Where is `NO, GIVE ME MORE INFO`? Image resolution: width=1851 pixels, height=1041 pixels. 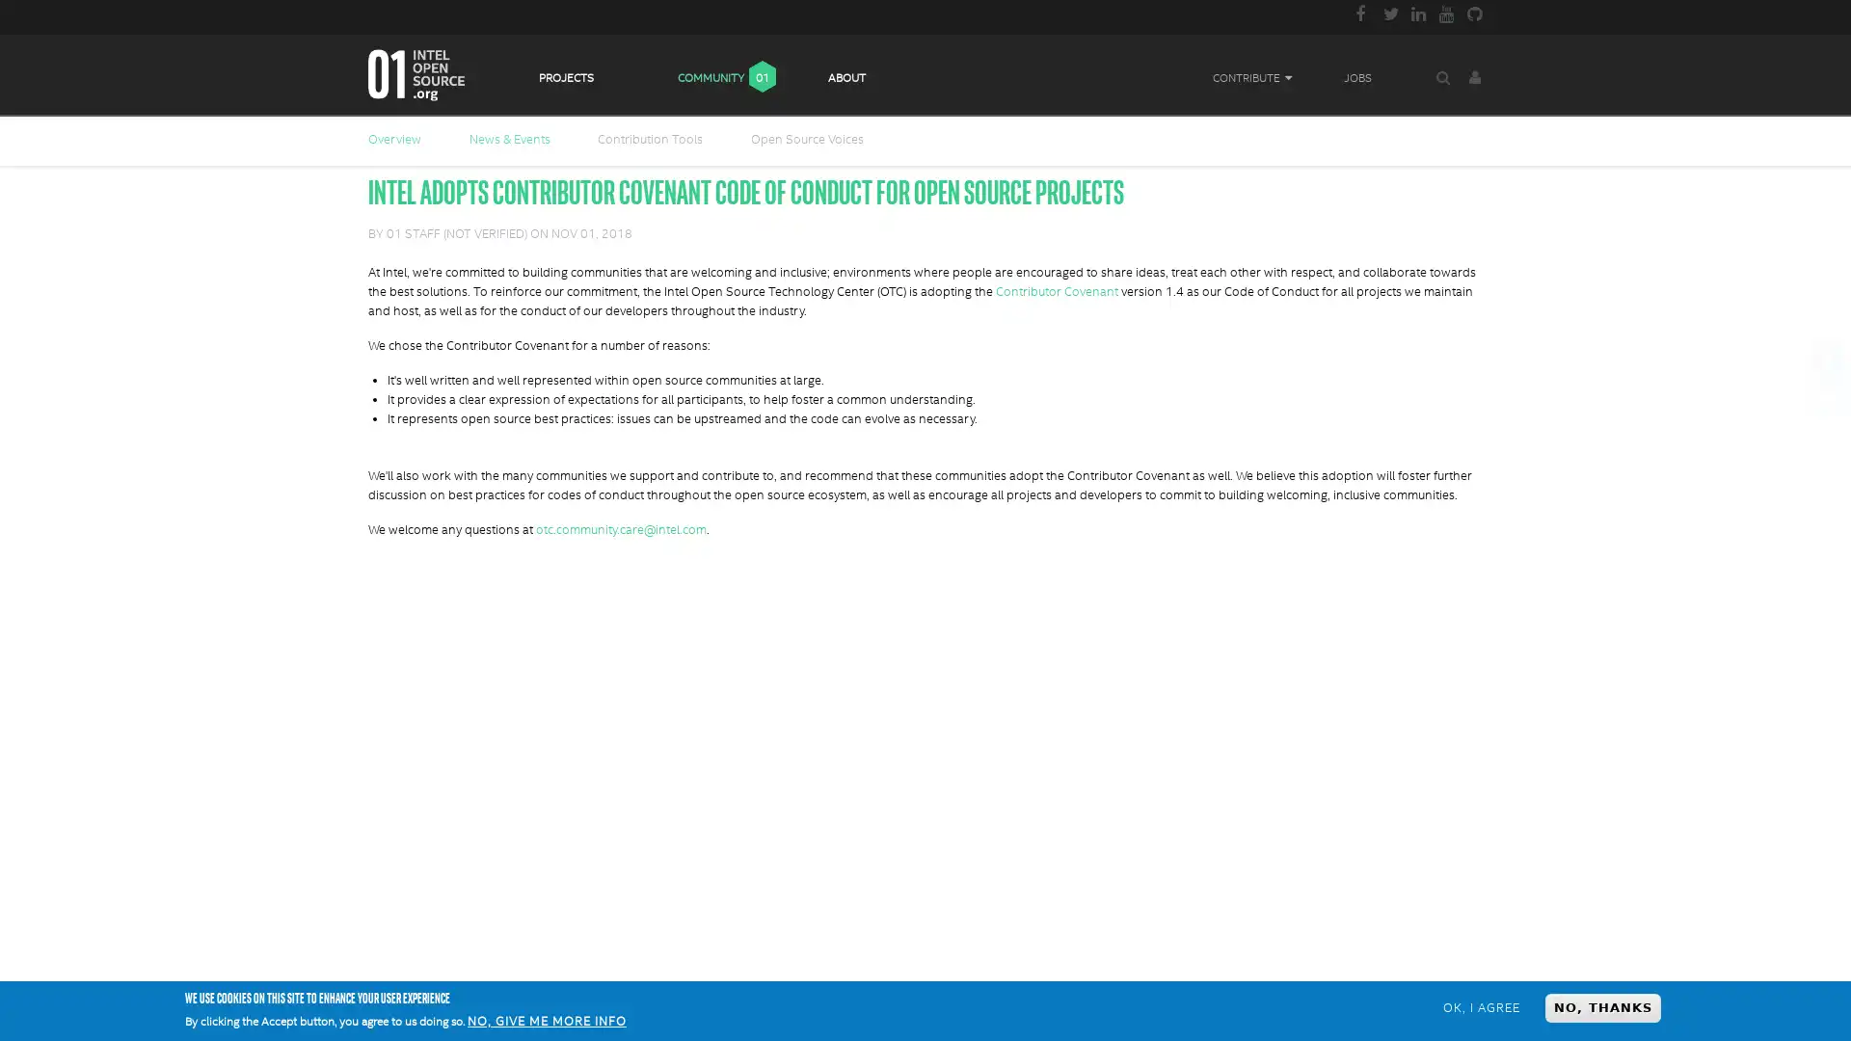 NO, GIVE ME MORE INFO is located at coordinates (546, 1021).